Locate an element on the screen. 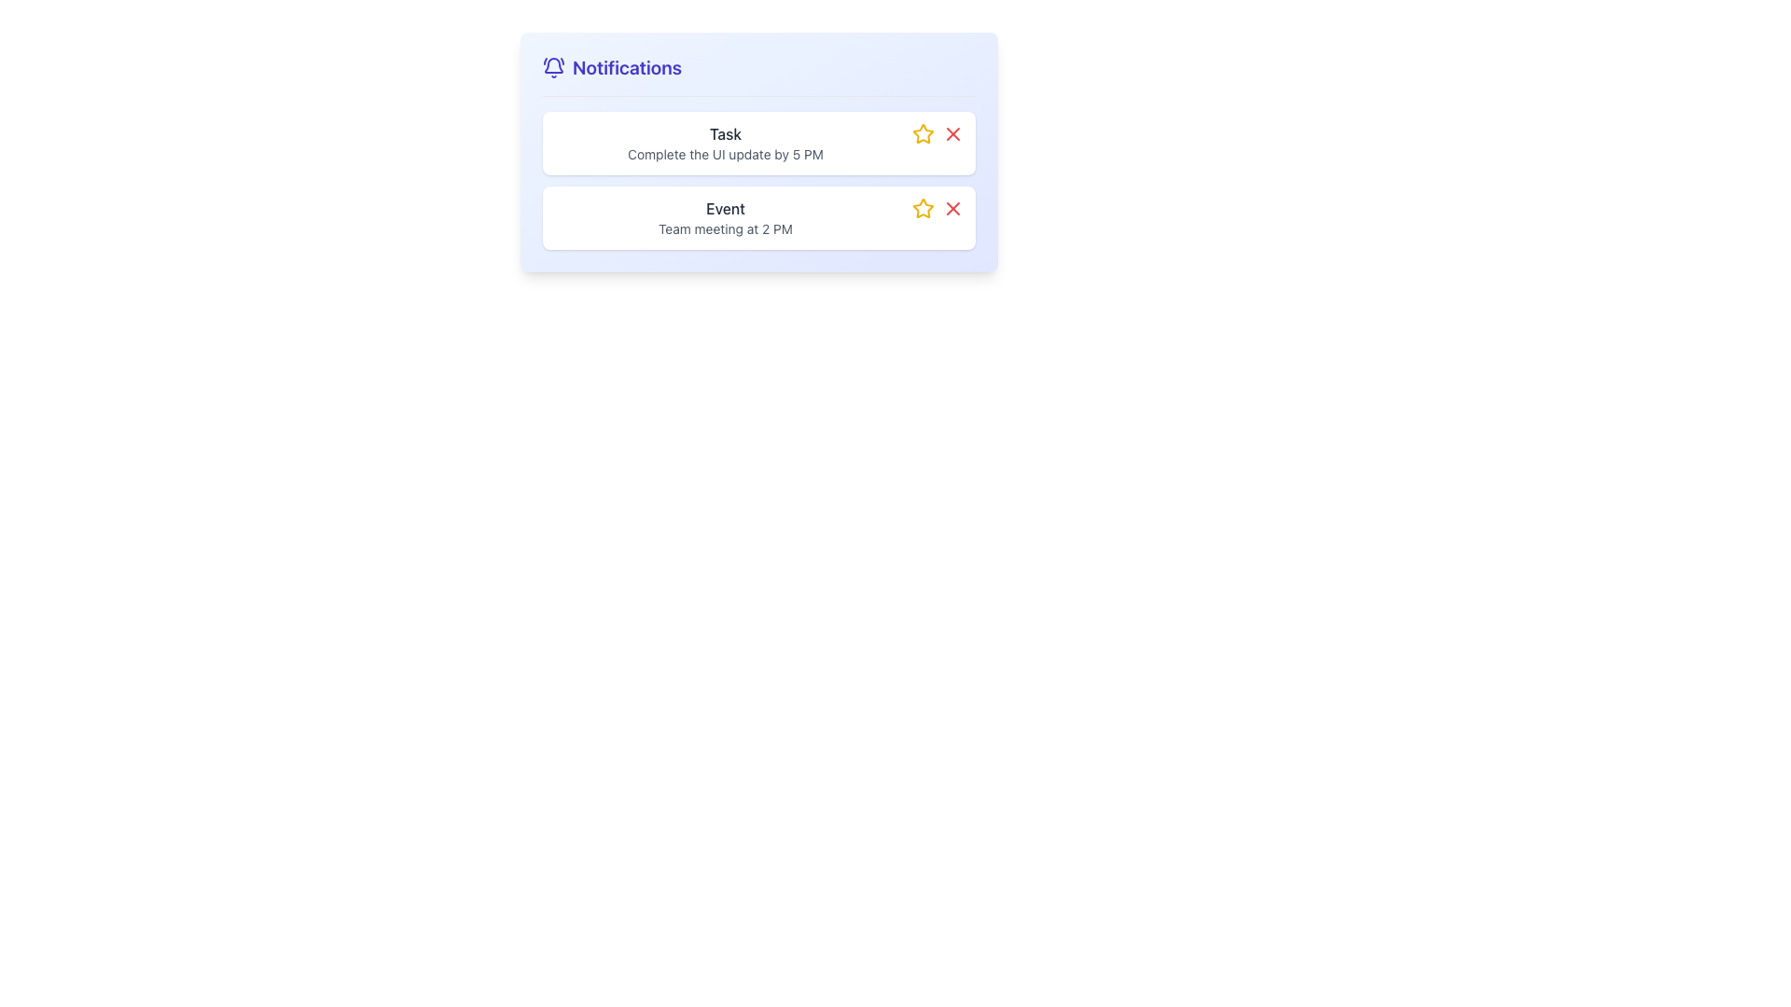 The width and height of the screenshot is (1791, 1007). the small red cross icon, which is a button in the 'Task' notification entry in the 'Notifications' panel, positioned next to a yellow star icon is located at coordinates (953, 132).